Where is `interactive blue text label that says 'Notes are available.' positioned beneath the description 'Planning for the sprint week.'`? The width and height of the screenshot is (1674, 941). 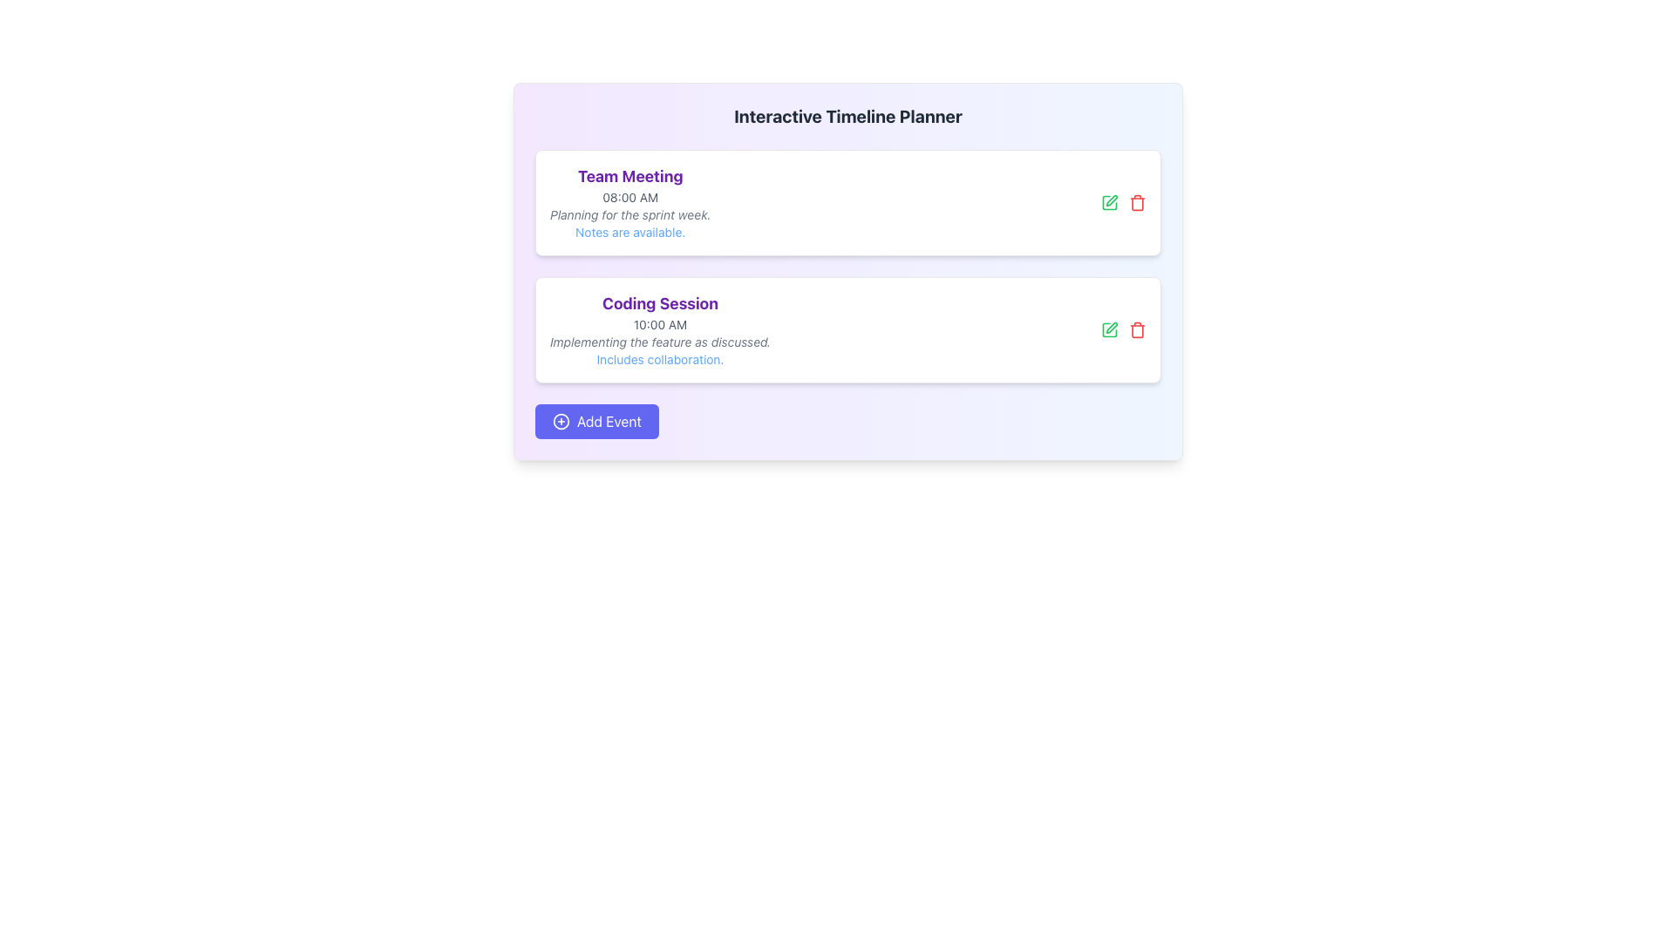
interactive blue text label that says 'Notes are available.' positioned beneath the description 'Planning for the sprint week.' is located at coordinates (629, 231).